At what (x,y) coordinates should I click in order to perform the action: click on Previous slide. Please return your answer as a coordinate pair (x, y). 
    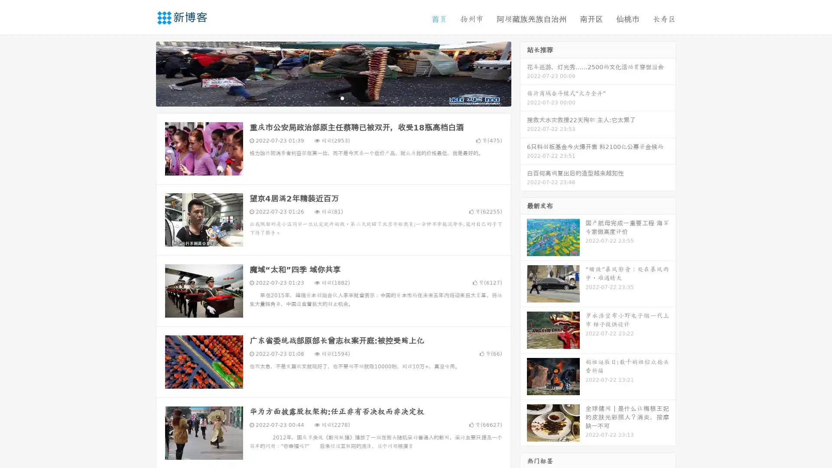
    Looking at the image, I should click on (143, 73).